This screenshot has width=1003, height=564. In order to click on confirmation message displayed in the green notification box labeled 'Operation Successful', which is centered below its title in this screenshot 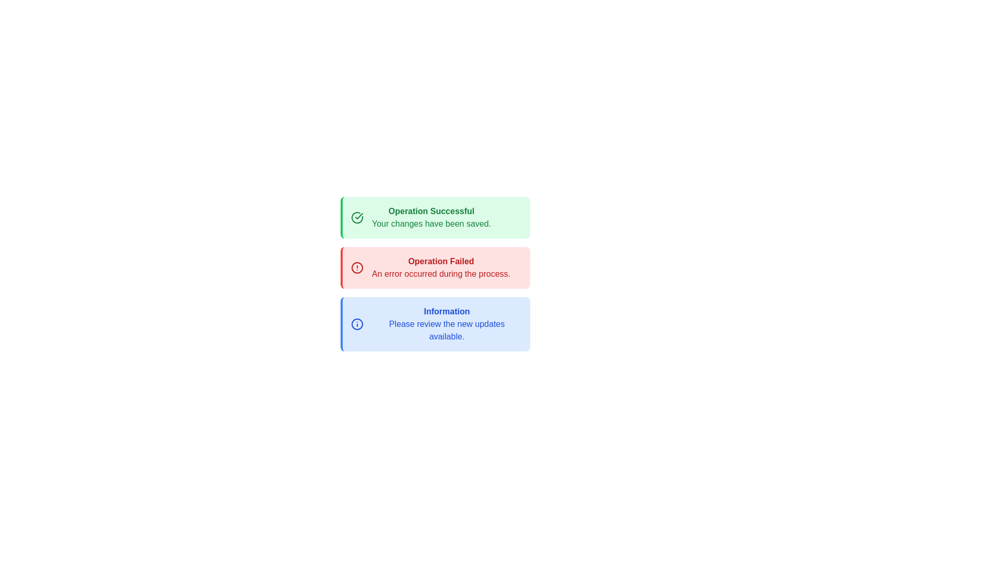, I will do `click(431, 223)`.